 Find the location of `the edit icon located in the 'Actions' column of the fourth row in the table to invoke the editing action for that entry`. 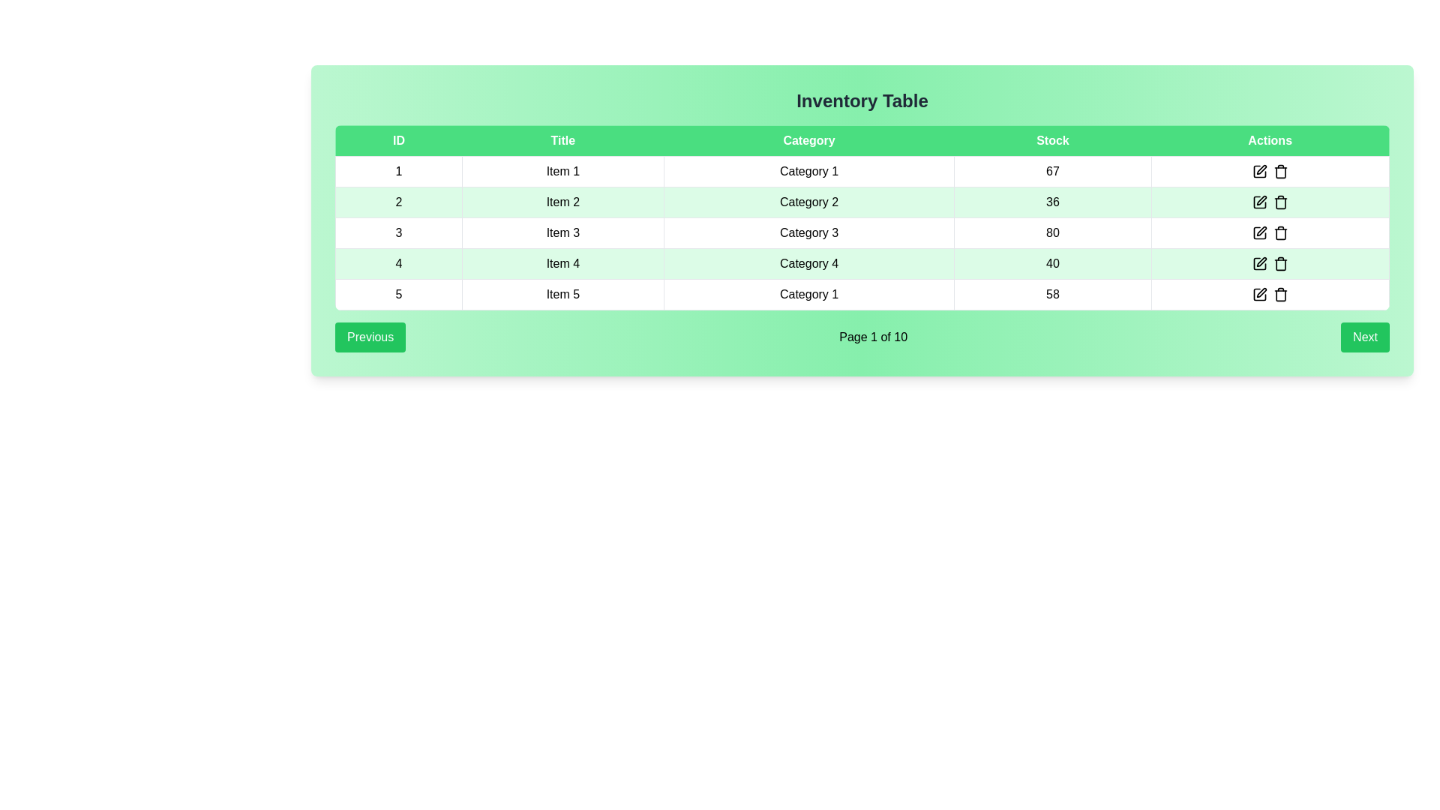

the edit icon located in the 'Actions' column of the fourth row in the table to invoke the editing action for that entry is located at coordinates (1261, 231).